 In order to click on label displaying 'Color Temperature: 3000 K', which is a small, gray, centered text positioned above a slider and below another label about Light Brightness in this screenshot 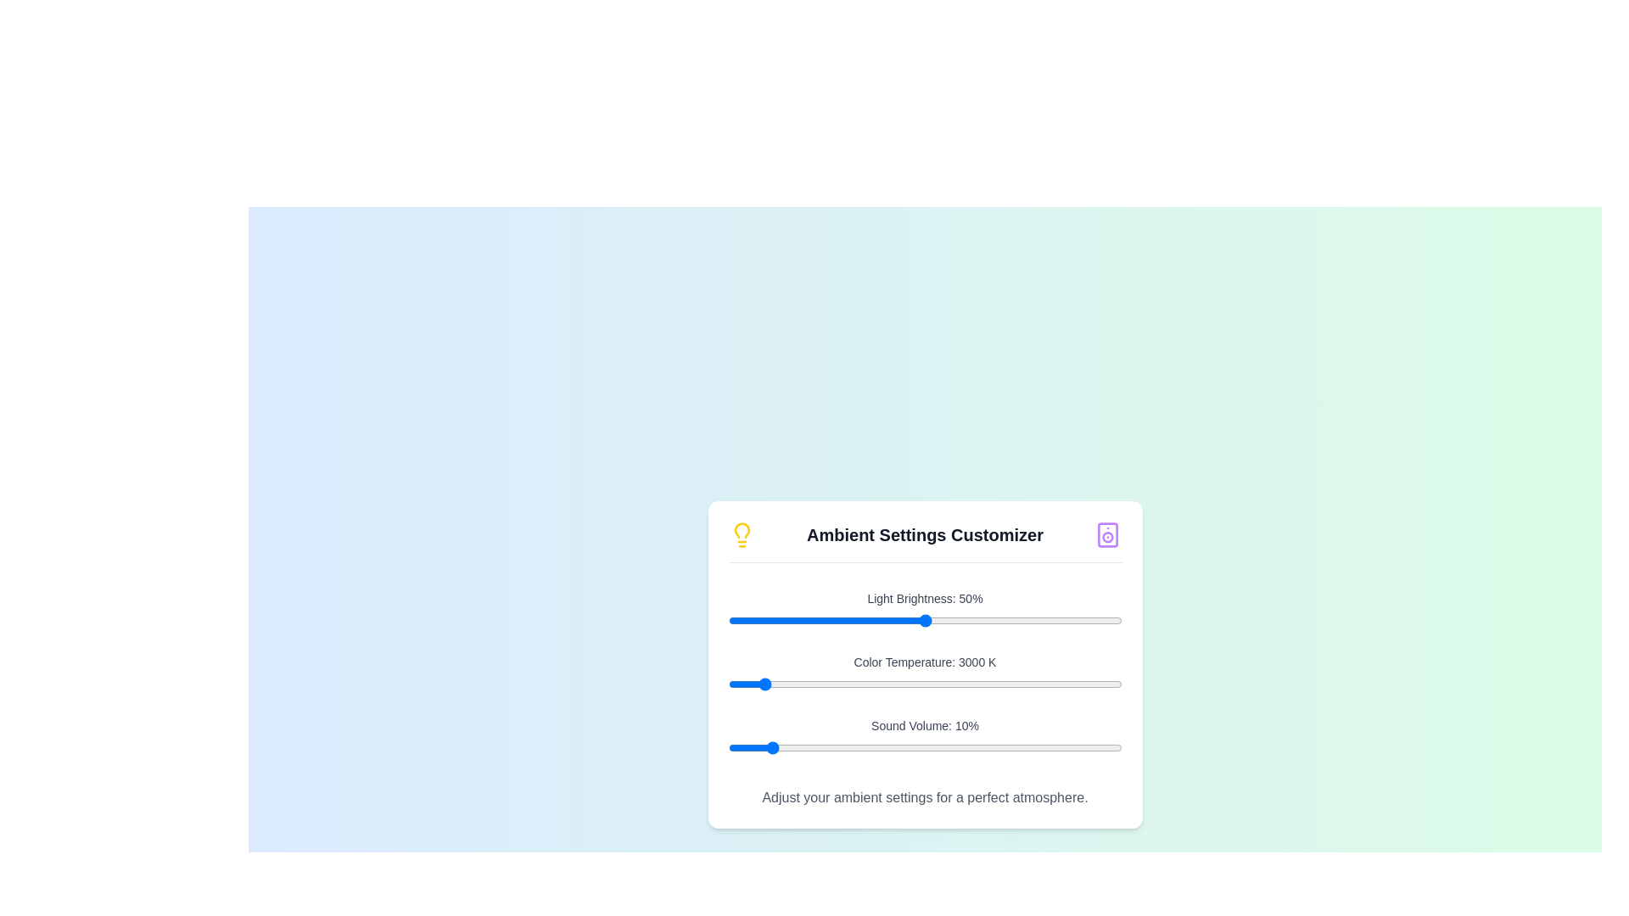, I will do `click(924, 661)`.